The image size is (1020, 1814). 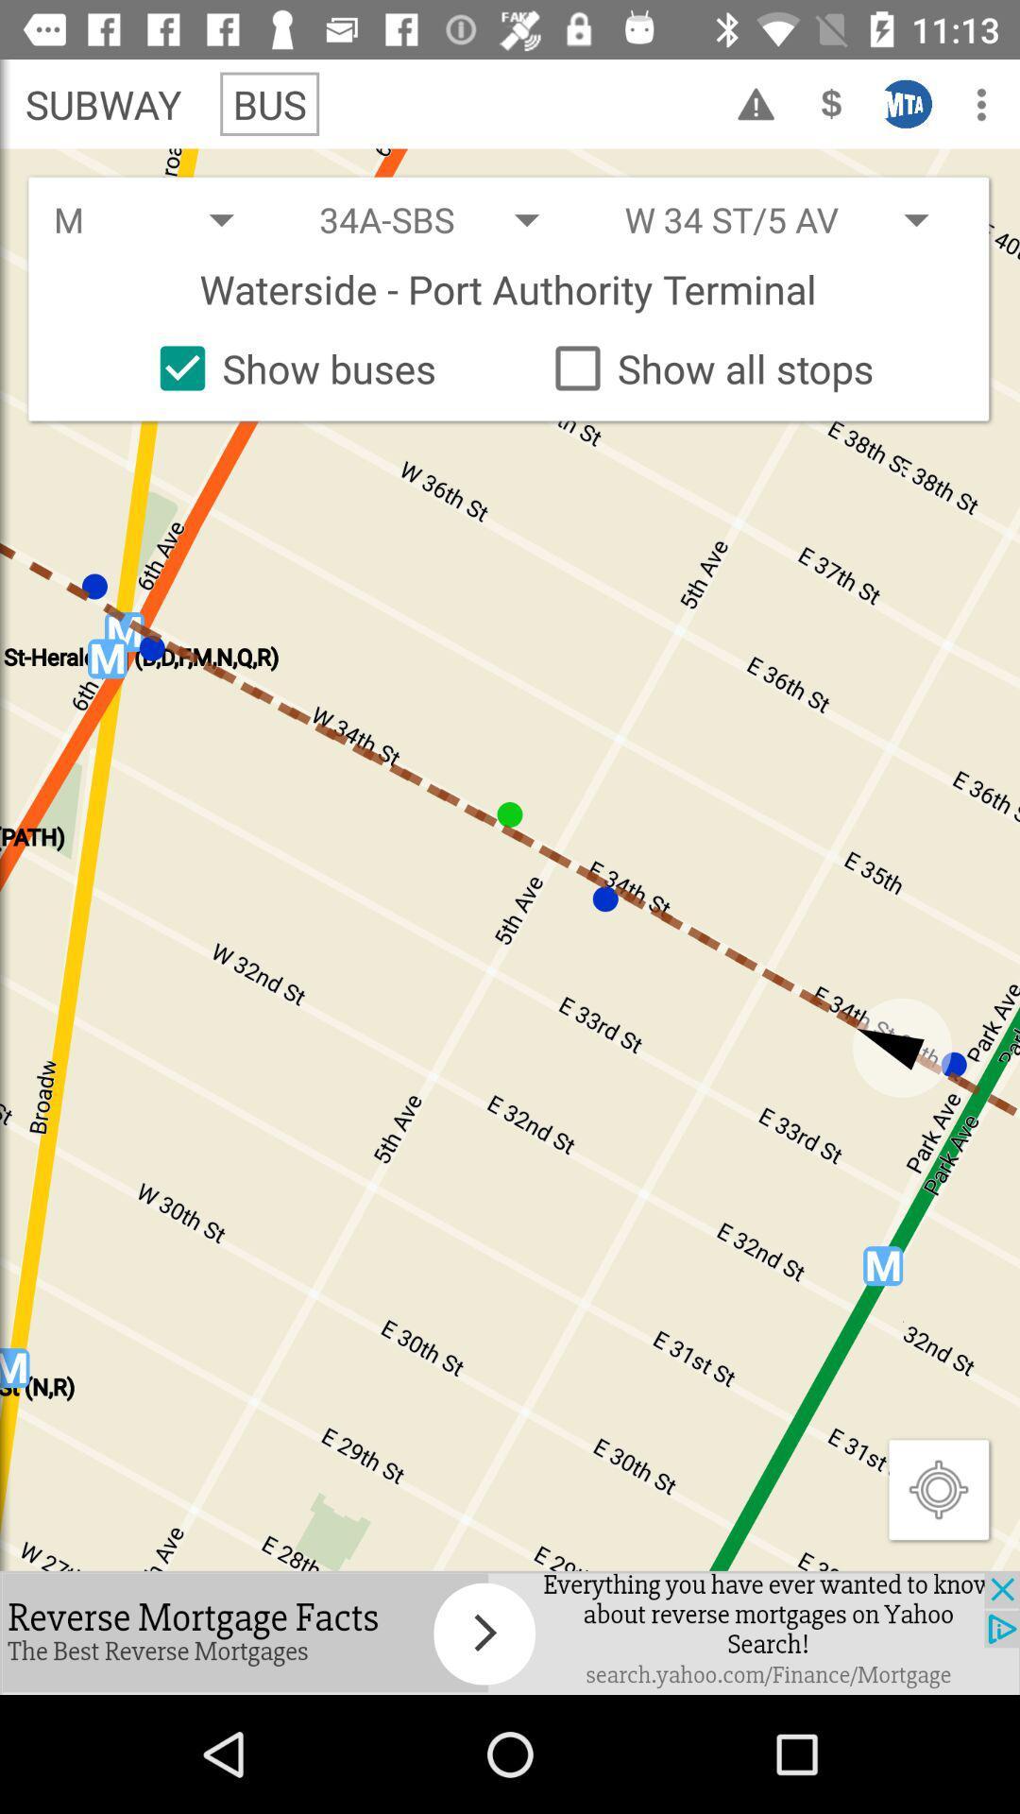 I want to click on the more icon, so click(x=981, y=103).